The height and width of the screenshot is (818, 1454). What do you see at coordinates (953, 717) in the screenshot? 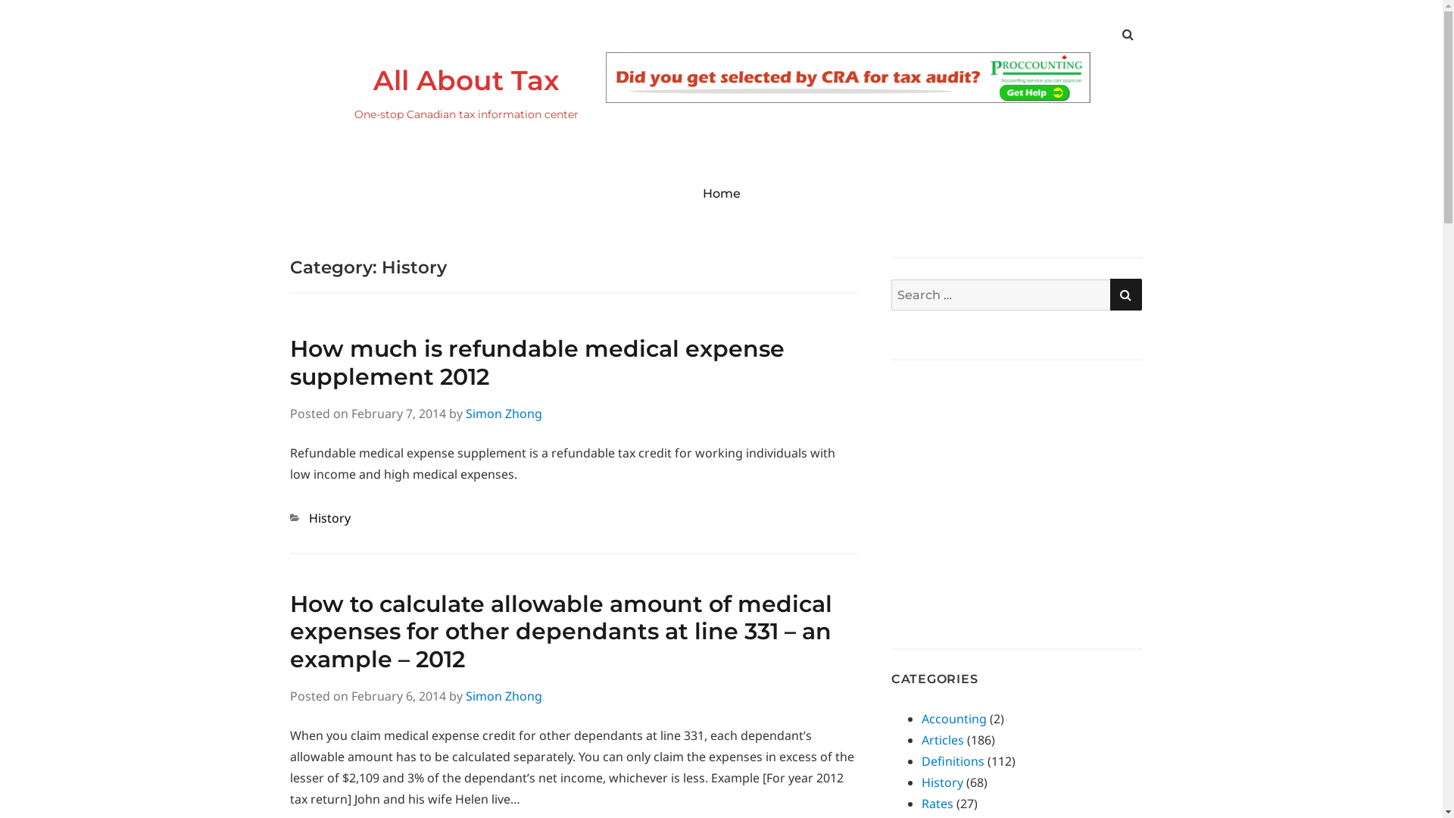
I see `'Accounting'` at bounding box center [953, 717].